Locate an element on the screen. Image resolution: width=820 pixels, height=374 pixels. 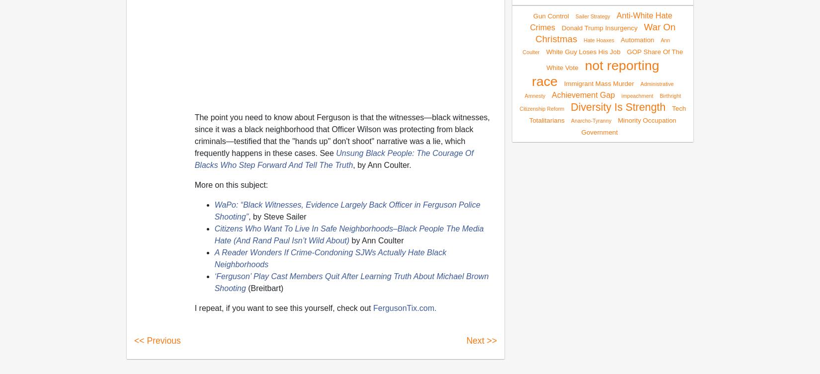
'Immigrant Mass Murder' is located at coordinates (598, 82).